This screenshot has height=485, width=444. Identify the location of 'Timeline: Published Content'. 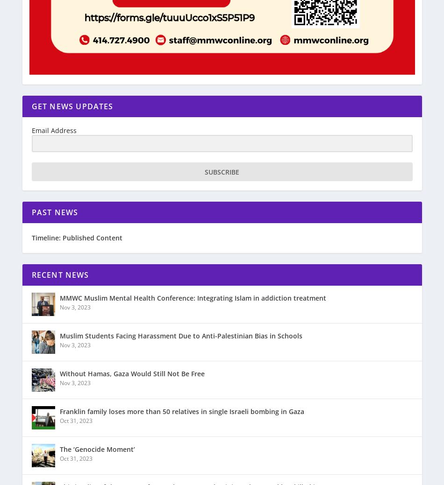
(76, 237).